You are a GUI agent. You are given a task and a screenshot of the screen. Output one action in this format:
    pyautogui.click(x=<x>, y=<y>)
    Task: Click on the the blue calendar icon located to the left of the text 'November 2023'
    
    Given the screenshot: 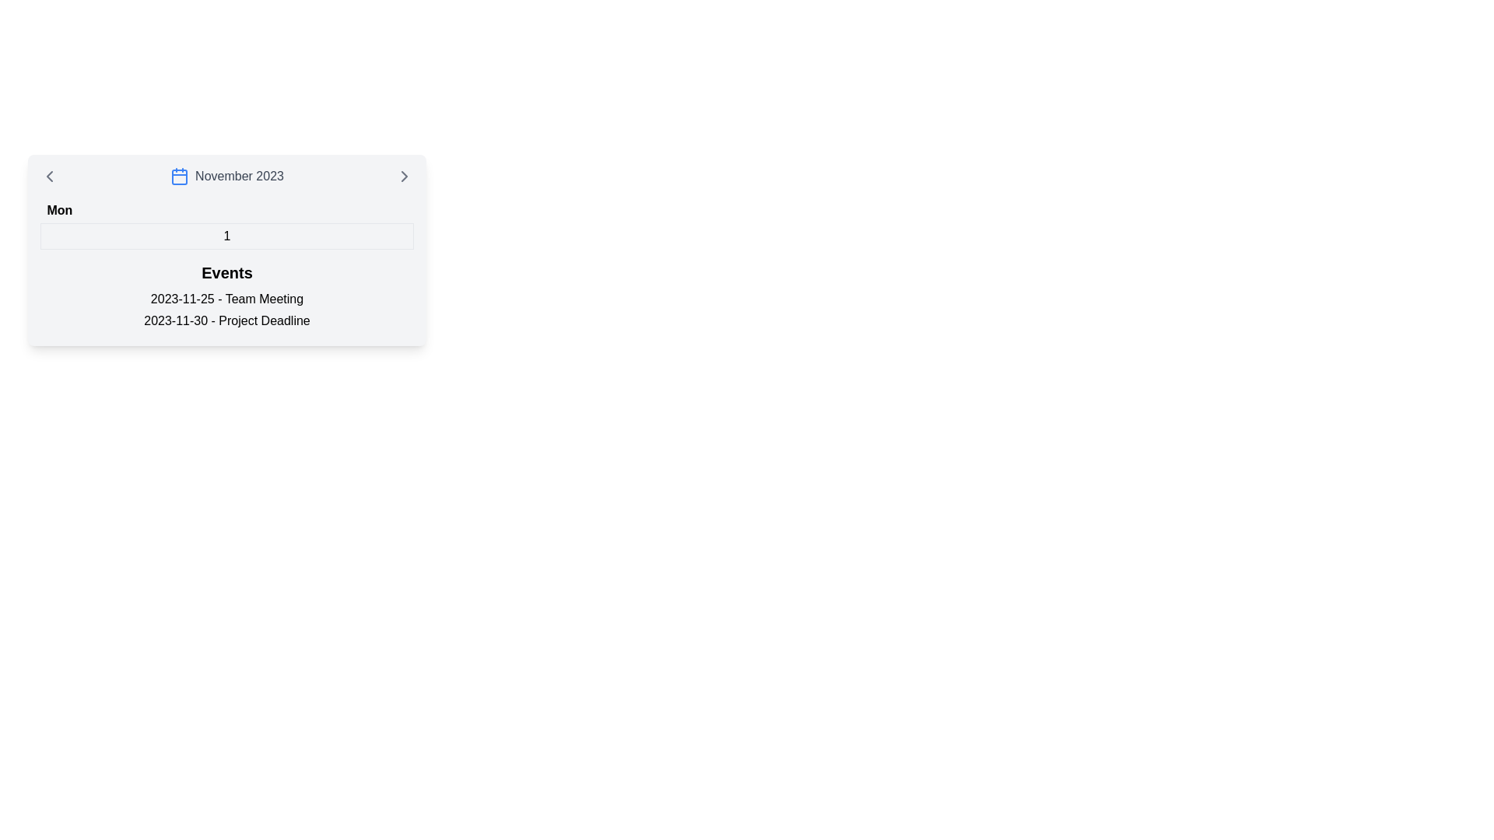 What is the action you would take?
    pyautogui.click(x=180, y=176)
    